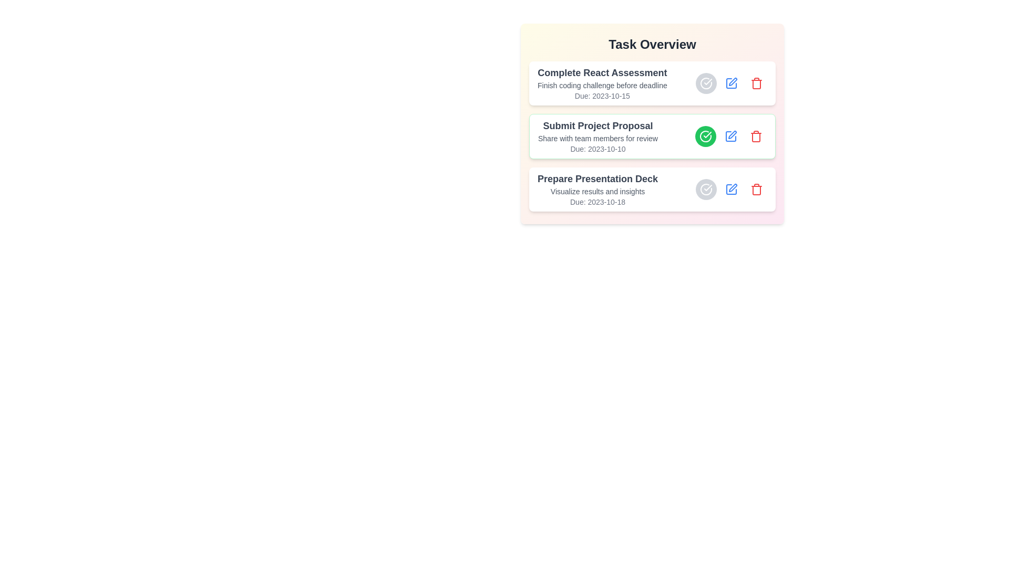  I want to click on the check button of the task titled 'Prepare Presentation Deck' to toggle its completion status, so click(706, 190).